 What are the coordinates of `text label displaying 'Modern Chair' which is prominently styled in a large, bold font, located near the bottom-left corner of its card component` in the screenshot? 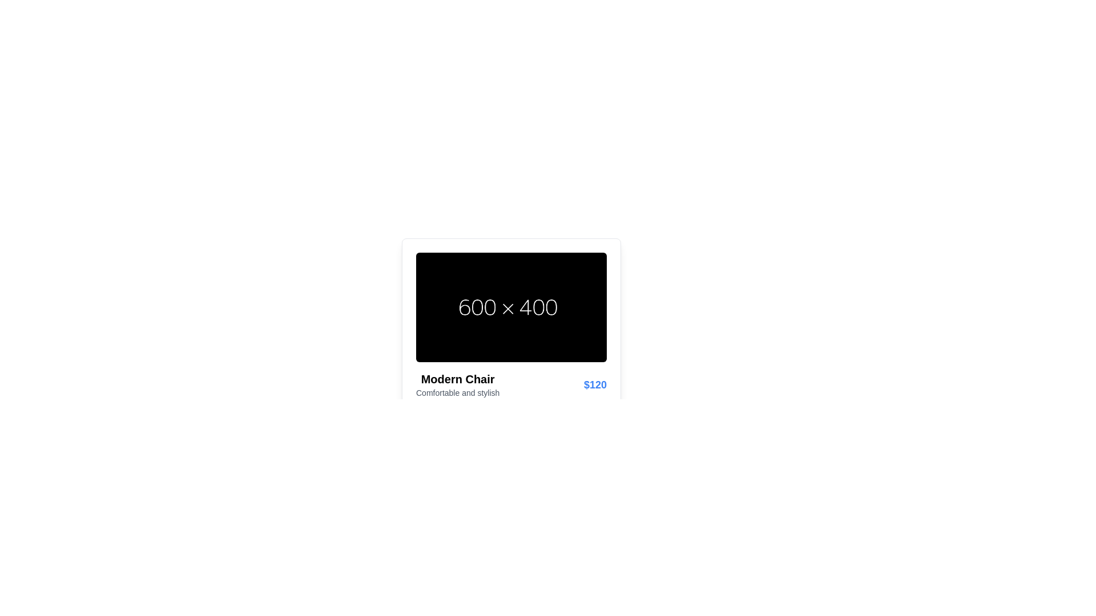 It's located at (458, 379).